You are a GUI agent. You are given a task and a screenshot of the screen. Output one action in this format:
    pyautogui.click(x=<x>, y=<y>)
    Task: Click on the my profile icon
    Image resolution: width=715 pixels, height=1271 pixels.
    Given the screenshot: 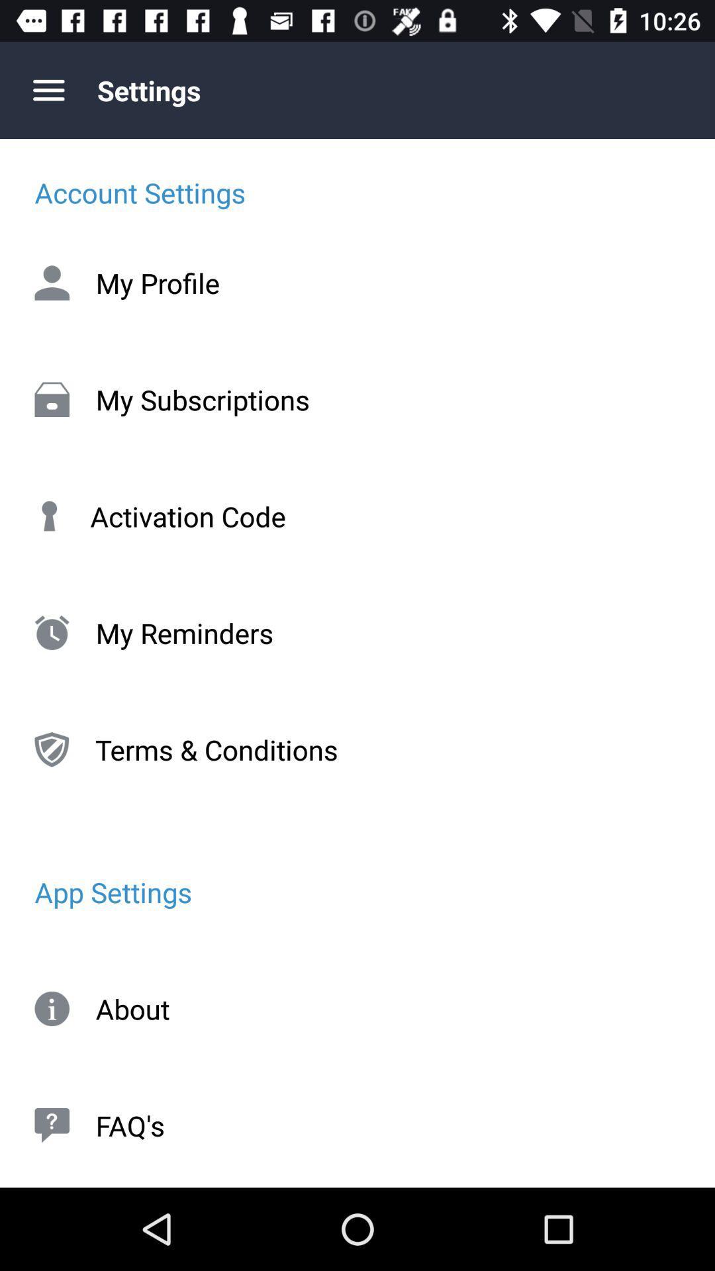 What is the action you would take?
    pyautogui.click(x=358, y=282)
    